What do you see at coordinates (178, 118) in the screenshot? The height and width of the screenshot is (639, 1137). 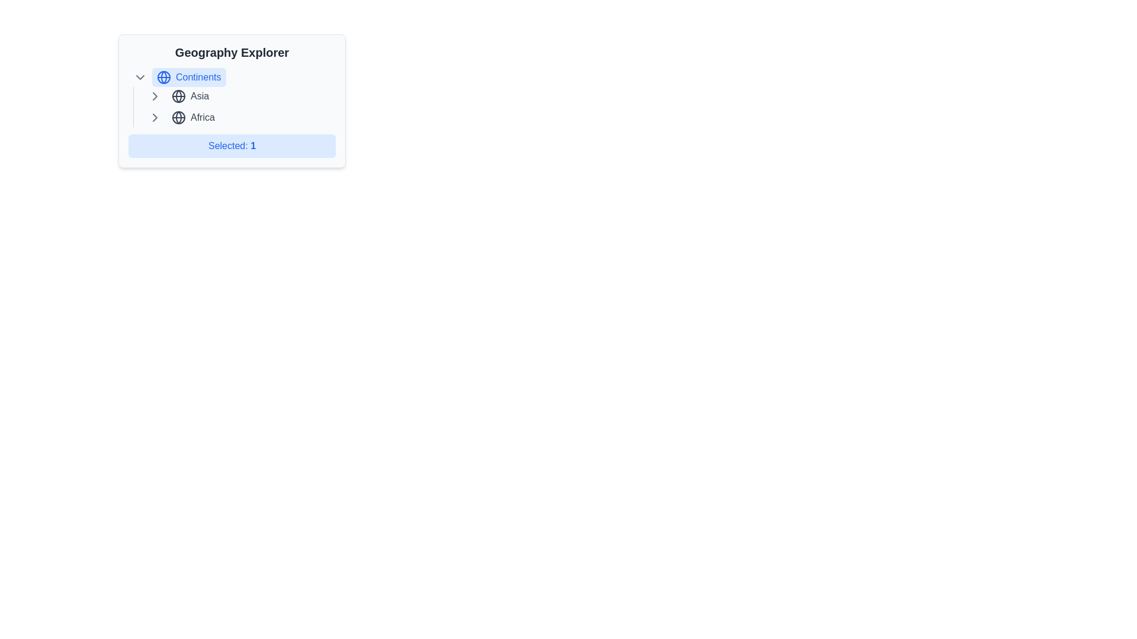 I see `the globe icon representing geographical features in the 'Geography Explorer' section next to the 'Continents' label` at bounding box center [178, 118].